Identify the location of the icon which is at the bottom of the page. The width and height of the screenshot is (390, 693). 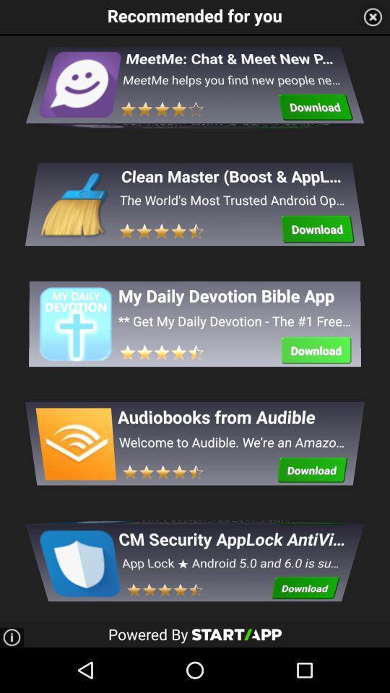
(79, 554).